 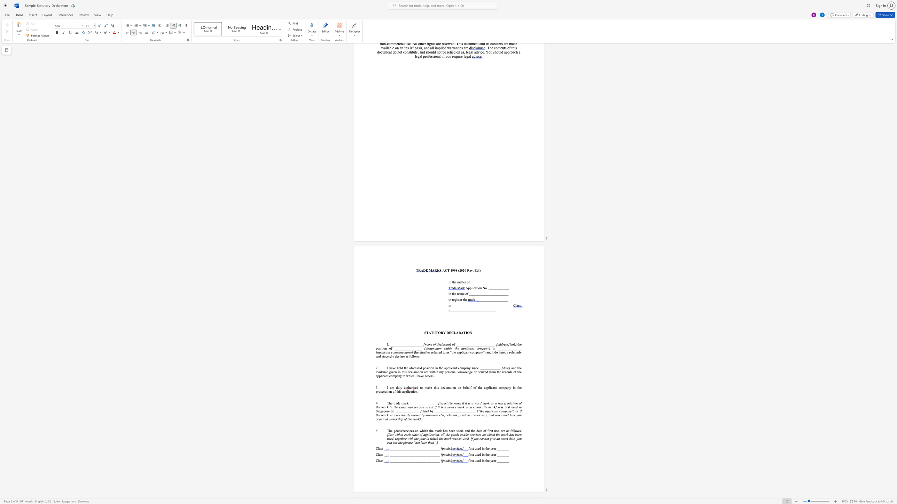 I want to click on the subset text "old th" within the text "hold the position of ________________", so click(x=512, y=344).